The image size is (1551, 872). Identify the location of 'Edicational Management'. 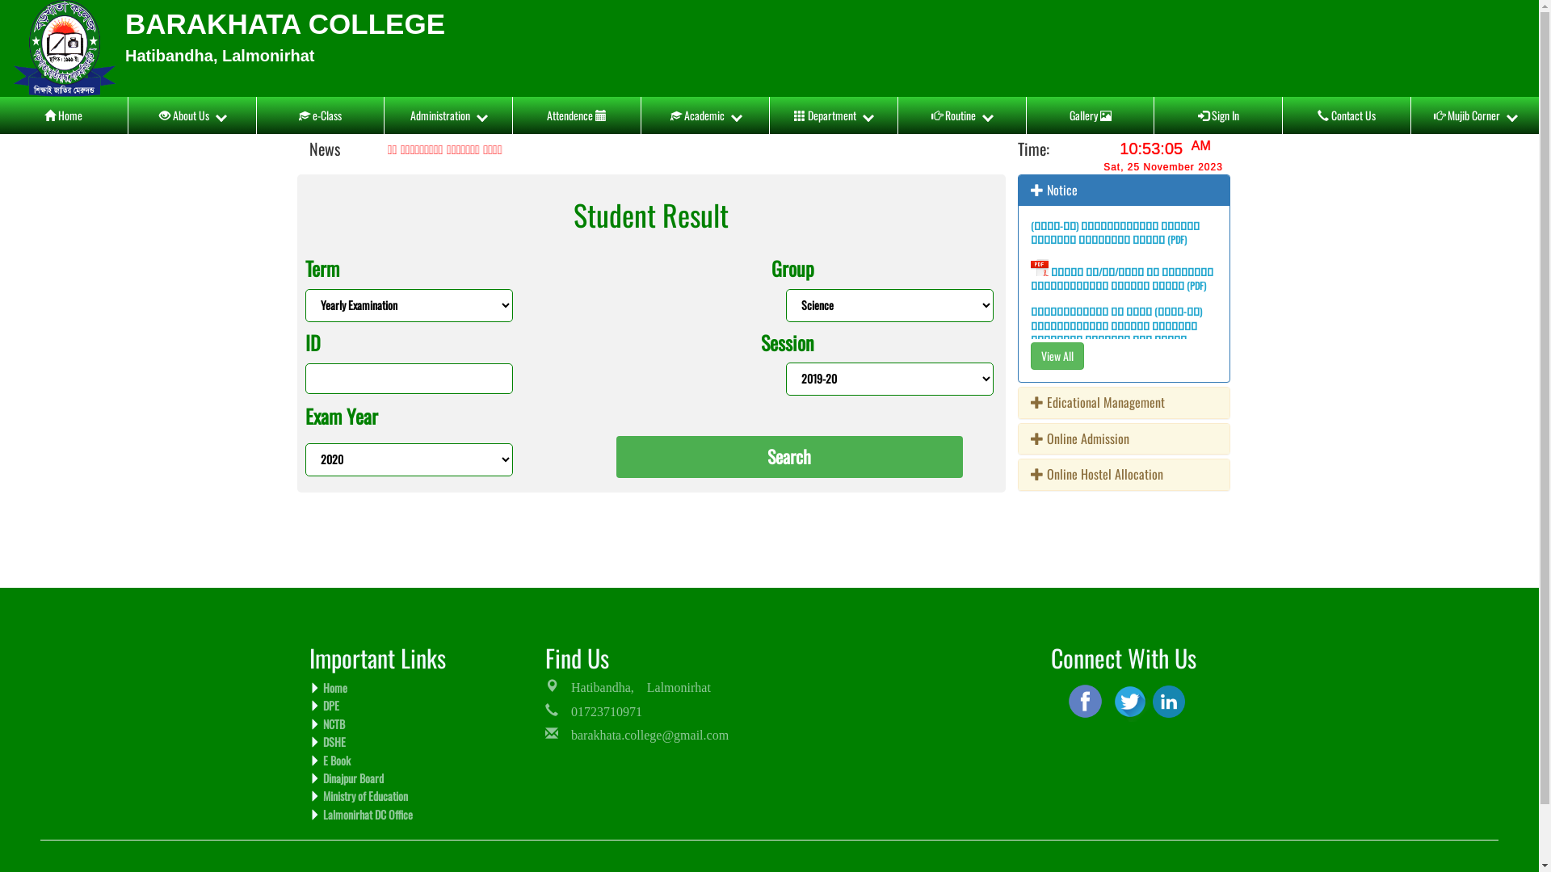
(1030, 400).